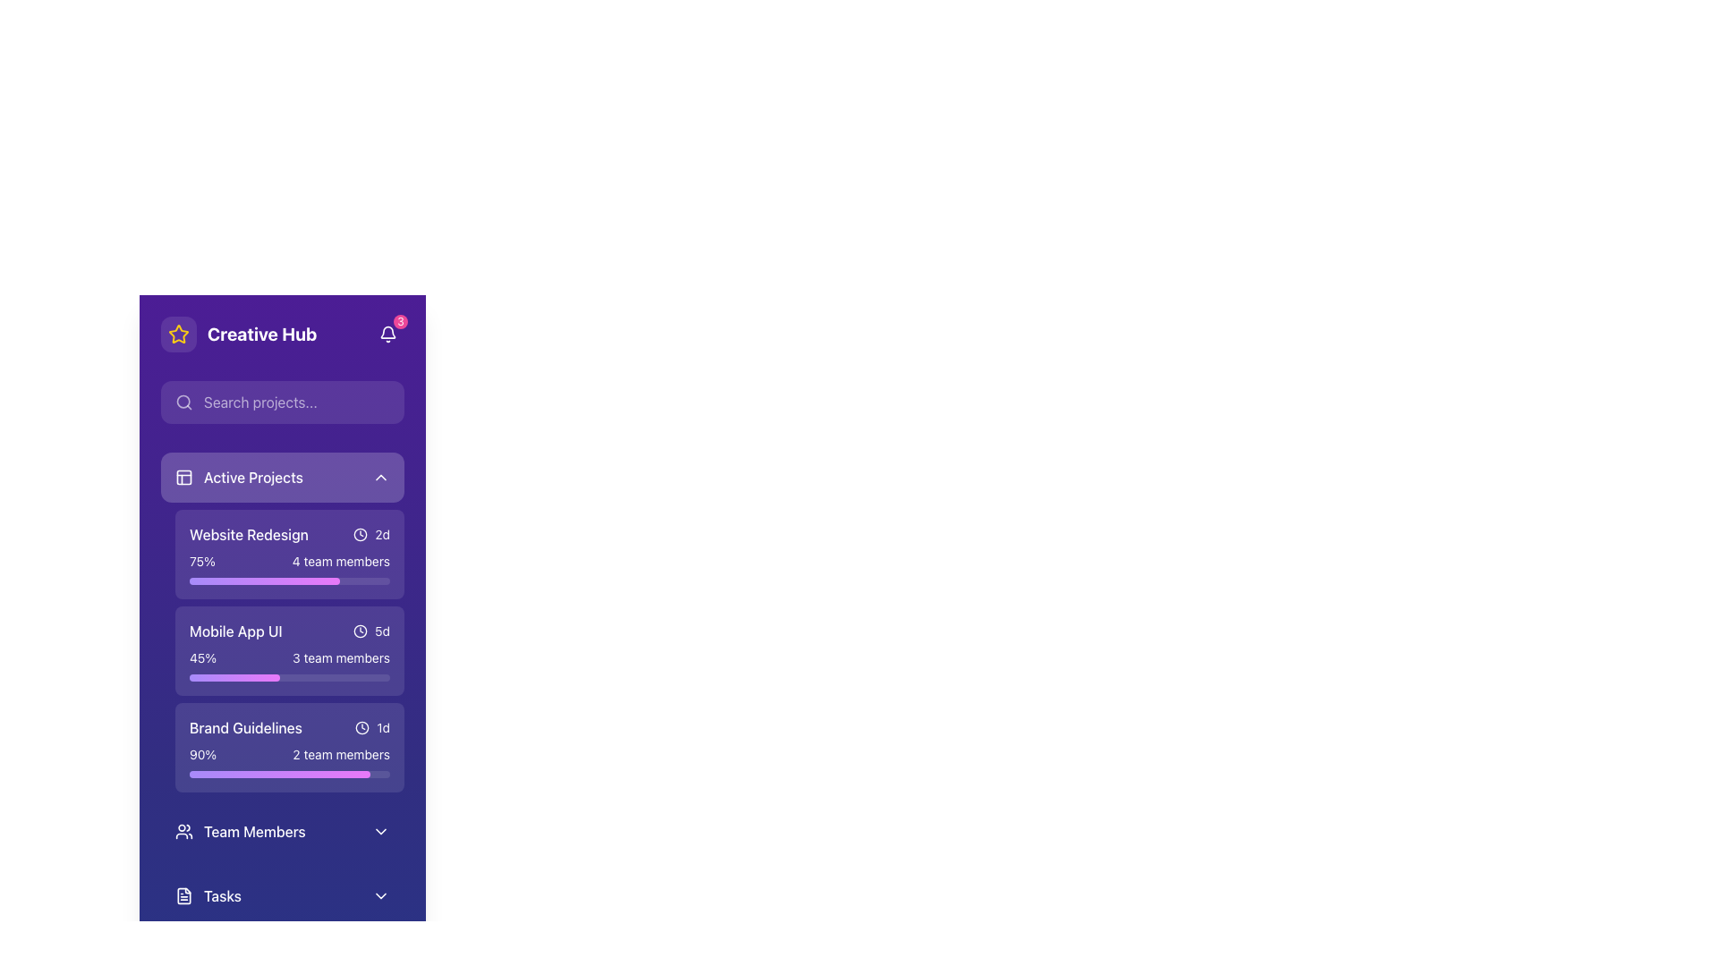 The height and width of the screenshot is (966, 1718). What do you see at coordinates (290, 581) in the screenshot?
I see `the horizontal progress bar indicating 75% completion, located beneath the text '75%' and '4 team members' in the 'Website Redesign' section of the 'Active Projects' tab` at bounding box center [290, 581].